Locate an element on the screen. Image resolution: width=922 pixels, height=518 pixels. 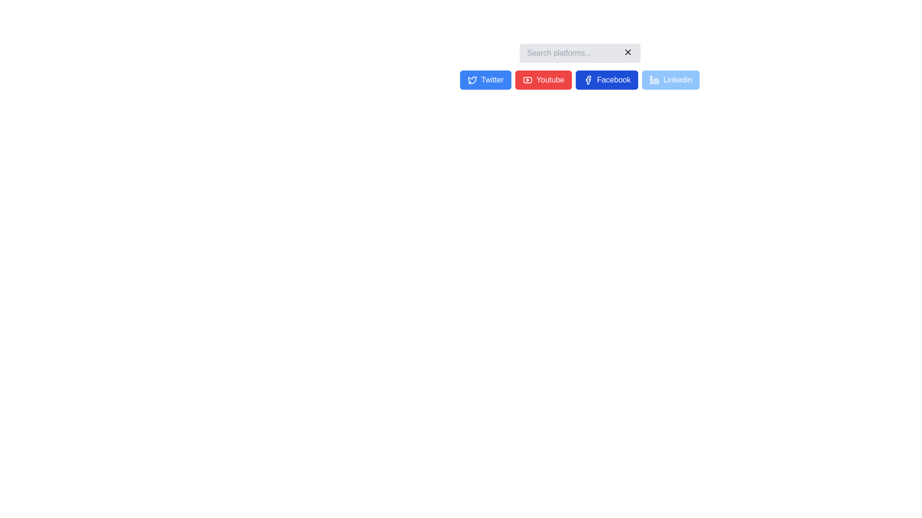
the Twitter icon, which is a blue outlined bird silhouette on a white background, located inside a button labeled 'Twitter' is located at coordinates (472, 79).